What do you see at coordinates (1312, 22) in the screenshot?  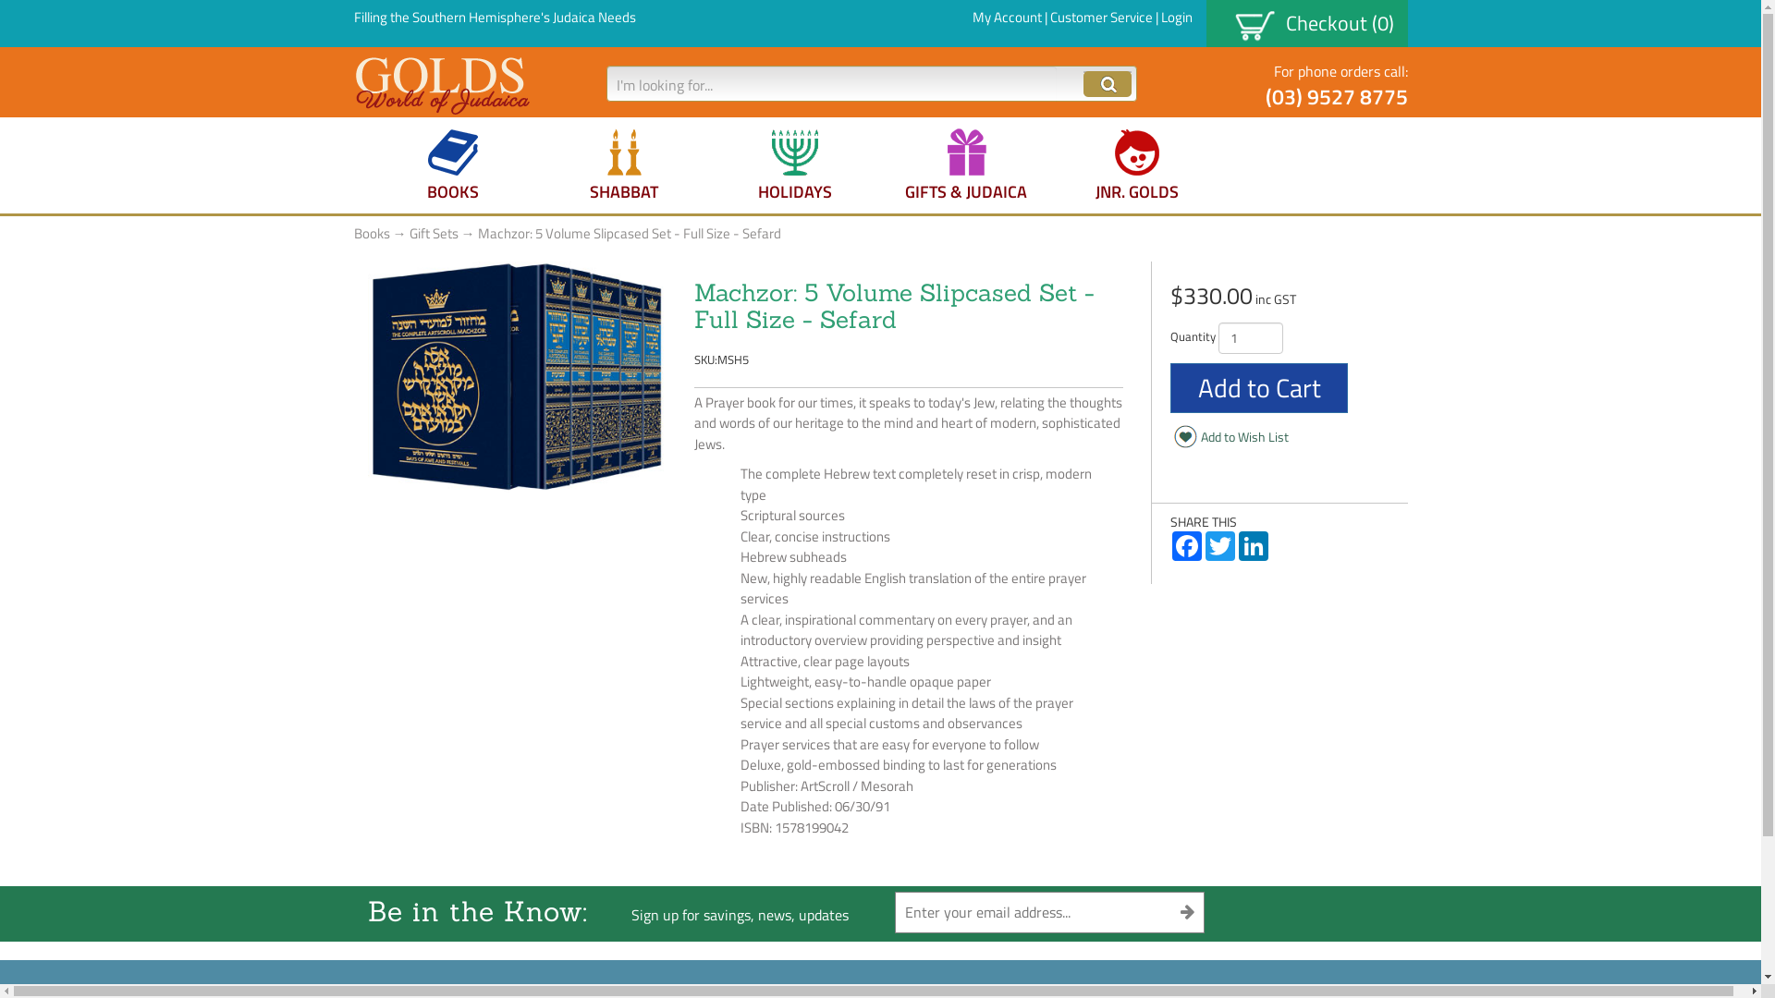 I see `'Checkout (0)'` at bounding box center [1312, 22].